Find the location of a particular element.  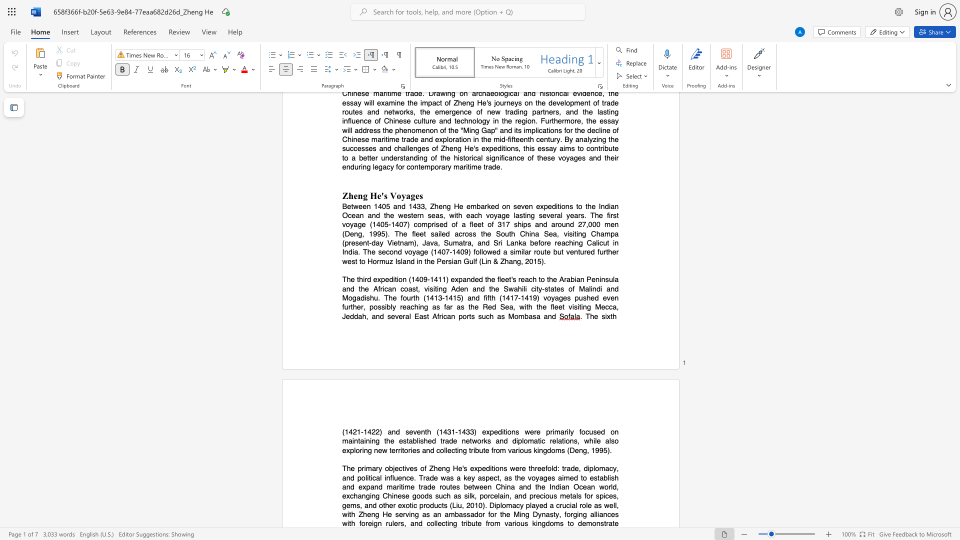

the subset text "ods such as silk, porcelain, and precious metals for spices, gems, and other exotic products (Liu, 2010). Diplomacy played a crucial role as well, with Zheng He serving as an ambassador for the Ming Dynasty, forging alliances with foreign rulers, and collecting tribute from various" within the text "and expand maritime trade routes between China and the Indian Ocean world, exchanging Chinese goods such as silk, porcelain, and precious metals for spices, gems, and other exotic products (Liu, 2010). Diplomacy played a crucial role as well, with Zheng He serving as an ambassador for the Ming Dynasty, forging alliances with foreign rulers, and collecting tribute from various kingdoms to" is located at coordinates (420, 496).